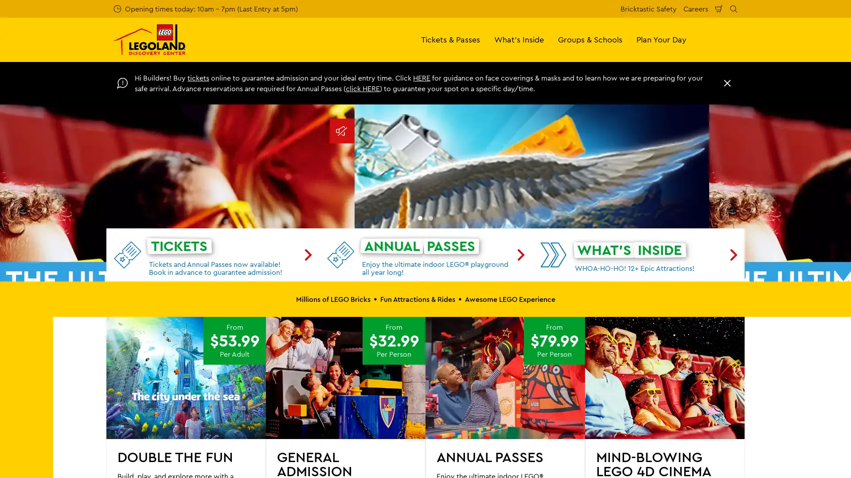  What do you see at coordinates (420, 385) in the screenshot?
I see `Go to slide 1` at bounding box center [420, 385].